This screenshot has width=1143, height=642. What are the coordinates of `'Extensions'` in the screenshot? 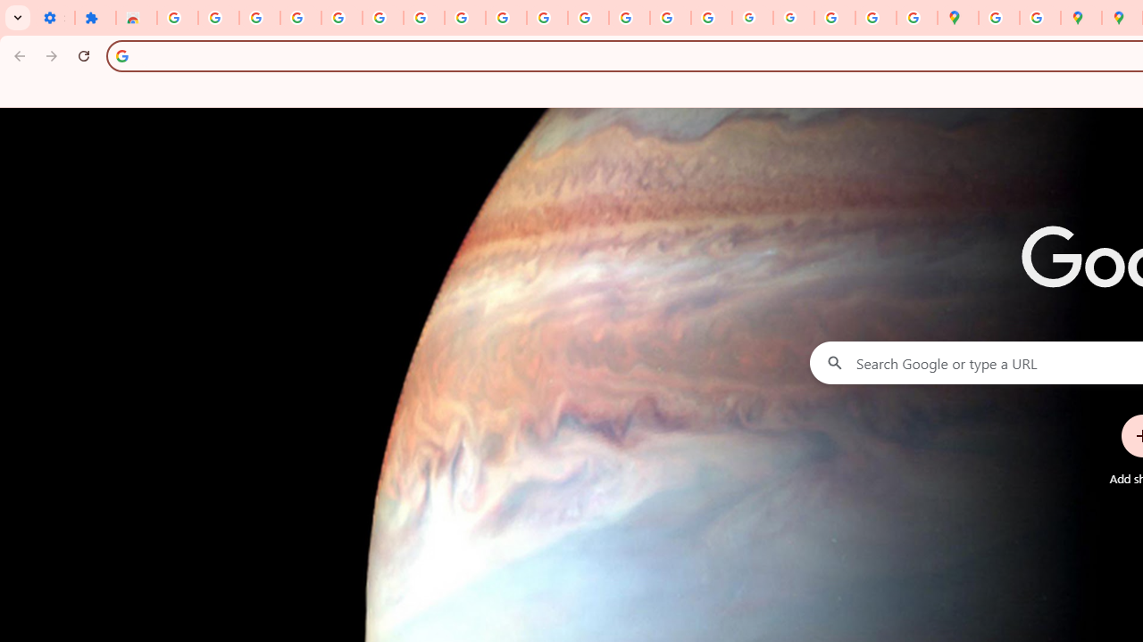 It's located at (95, 18).